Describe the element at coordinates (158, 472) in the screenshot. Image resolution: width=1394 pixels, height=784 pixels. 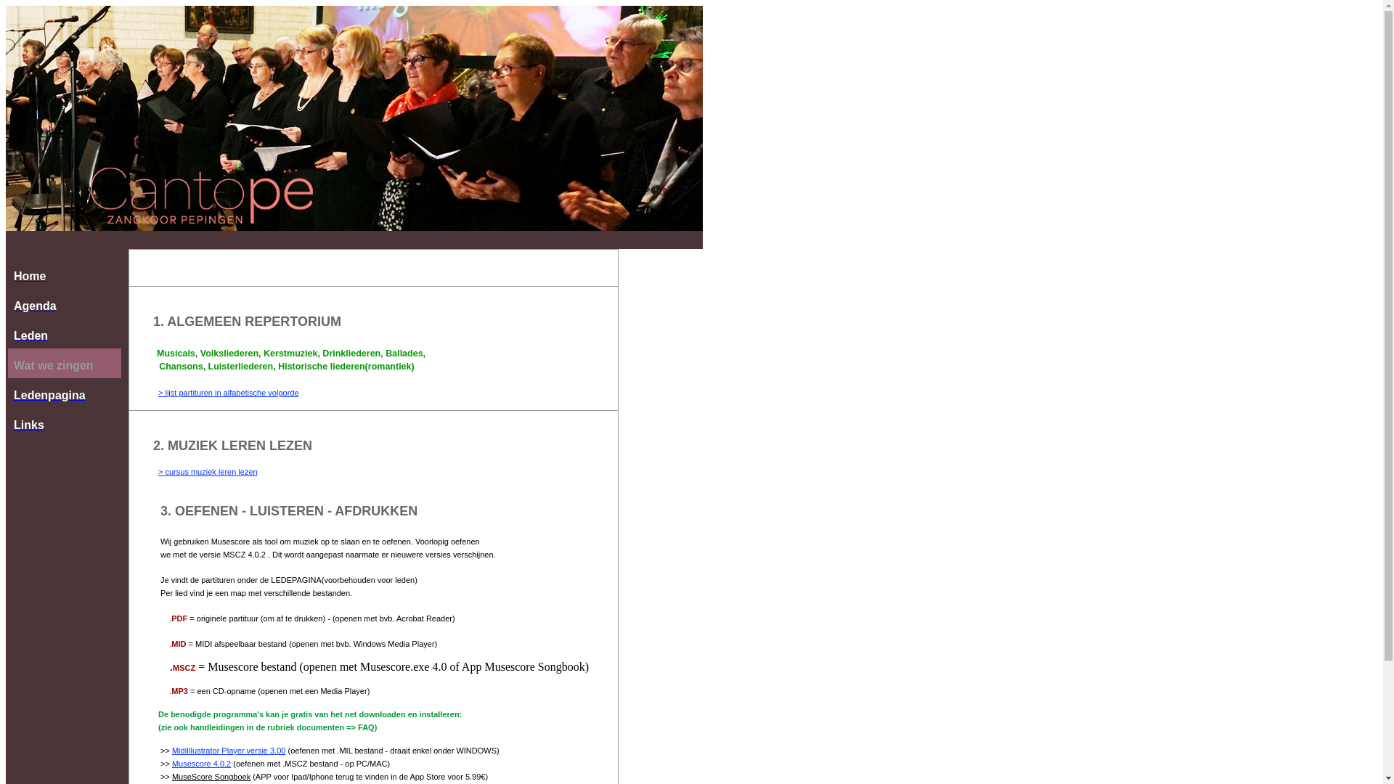
I see `'> cursus muziek leren lezen'` at that location.